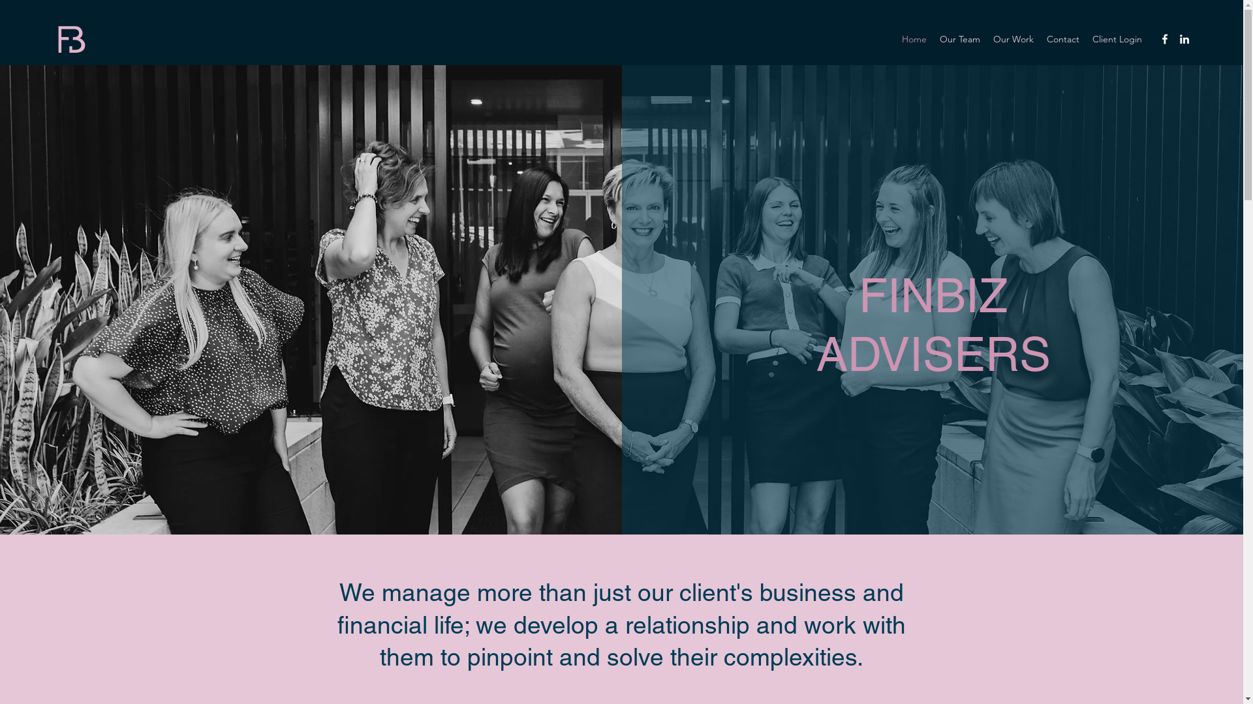 Image resolution: width=1253 pixels, height=704 pixels. What do you see at coordinates (959, 38) in the screenshot?
I see `'Our Team'` at bounding box center [959, 38].